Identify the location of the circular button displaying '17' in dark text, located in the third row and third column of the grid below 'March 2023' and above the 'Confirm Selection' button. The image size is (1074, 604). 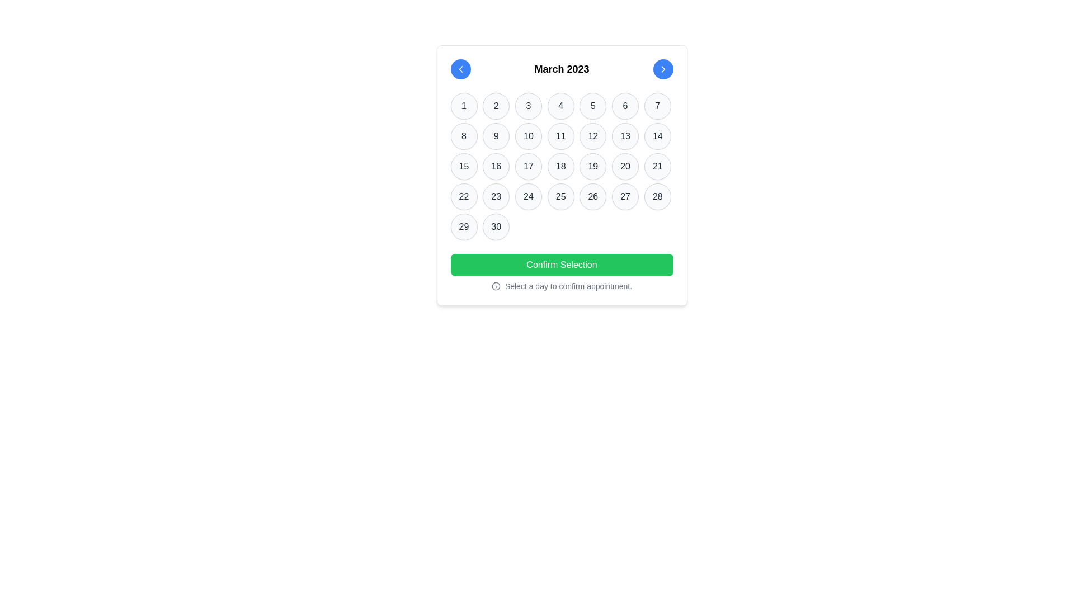
(527, 166).